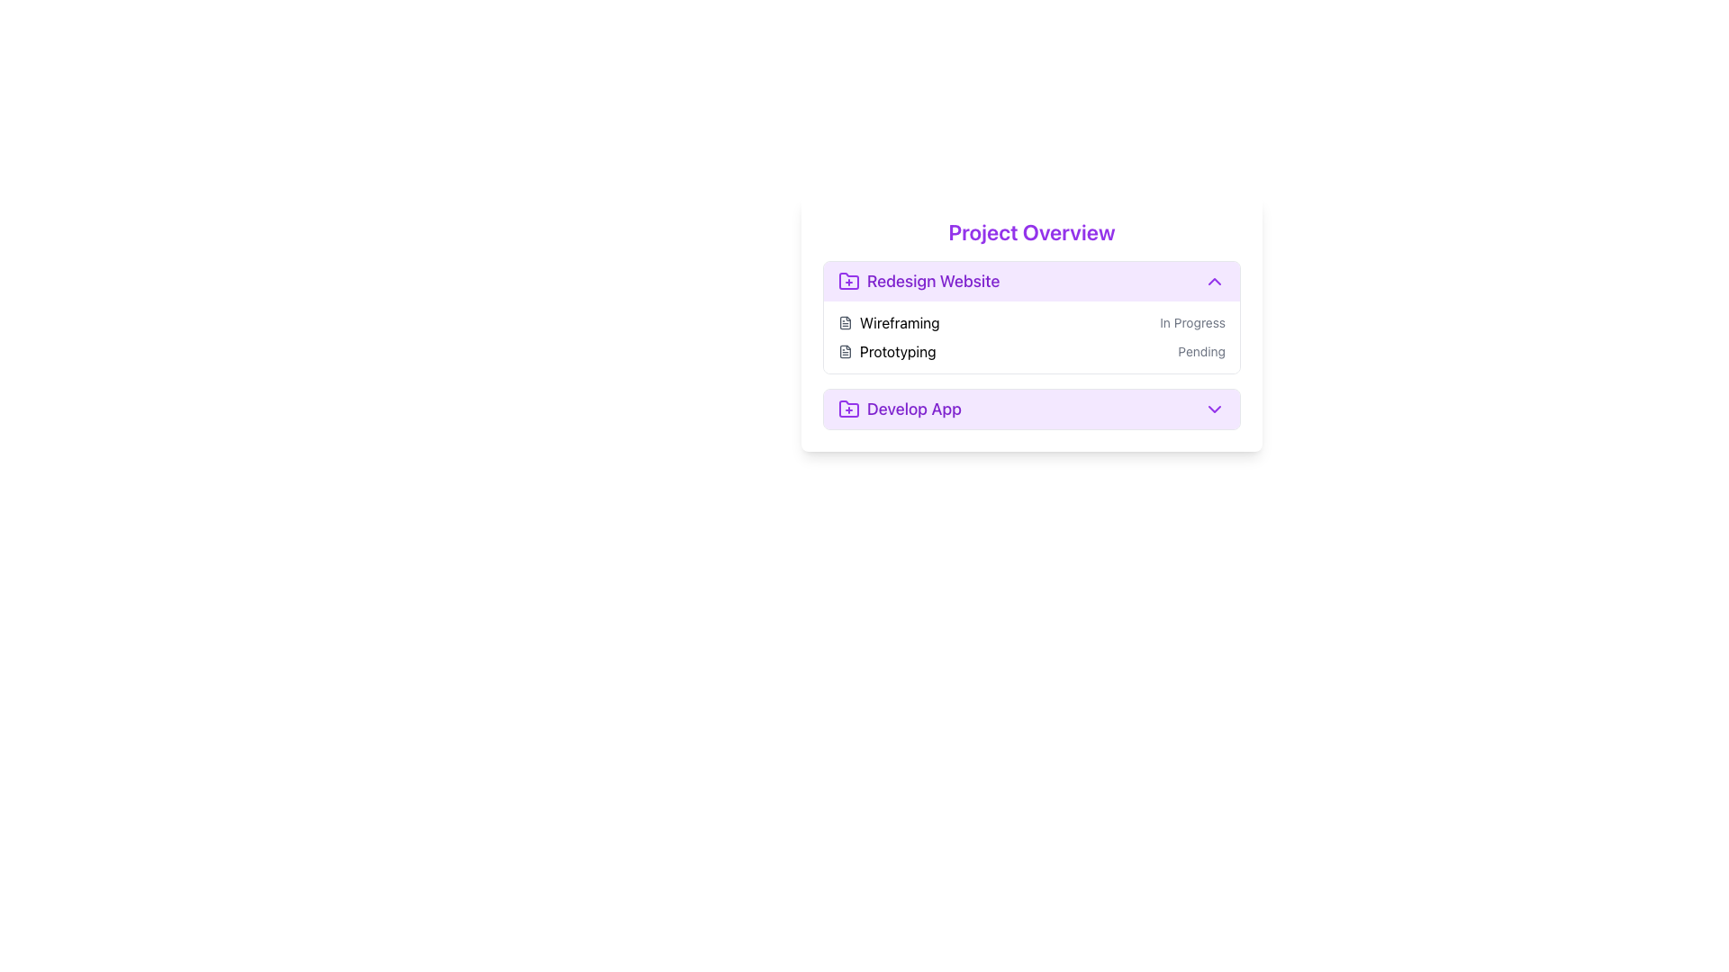  What do you see at coordinates (845, 351) in the screenshot?
I see `the file icon in the task list section titled 'Project Overview', located to the left of the text 'Prototyping'` at bounding box center [845, 351].